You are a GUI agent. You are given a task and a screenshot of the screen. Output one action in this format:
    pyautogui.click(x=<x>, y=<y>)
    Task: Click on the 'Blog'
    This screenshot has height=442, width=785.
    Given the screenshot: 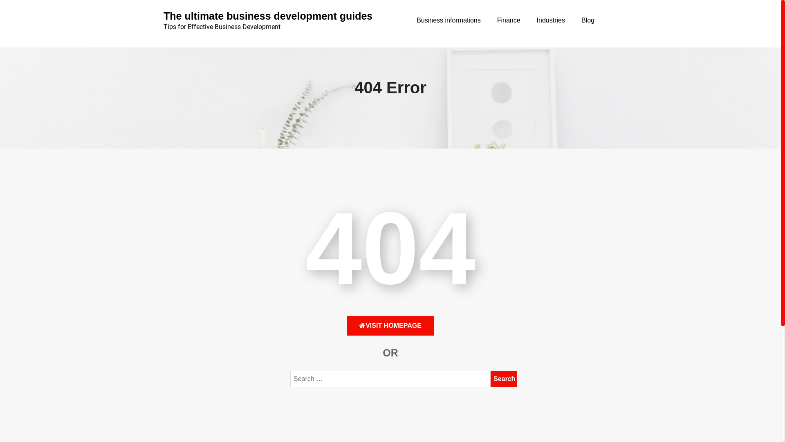 What is the action you would take?
    pyautogui.click(x=588, y=20)
    